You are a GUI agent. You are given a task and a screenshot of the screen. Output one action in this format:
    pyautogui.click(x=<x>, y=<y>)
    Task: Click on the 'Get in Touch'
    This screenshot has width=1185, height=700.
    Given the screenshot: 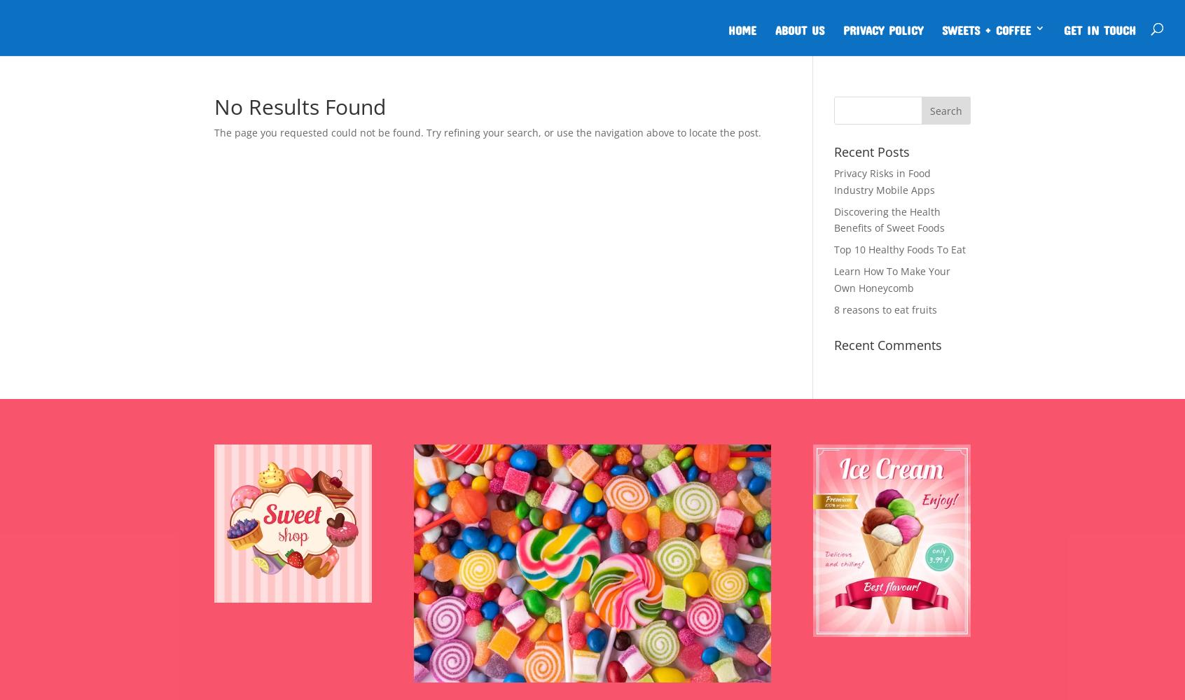 What is the action you would take?
    pyautogui.click(x=1099, y=28)
    